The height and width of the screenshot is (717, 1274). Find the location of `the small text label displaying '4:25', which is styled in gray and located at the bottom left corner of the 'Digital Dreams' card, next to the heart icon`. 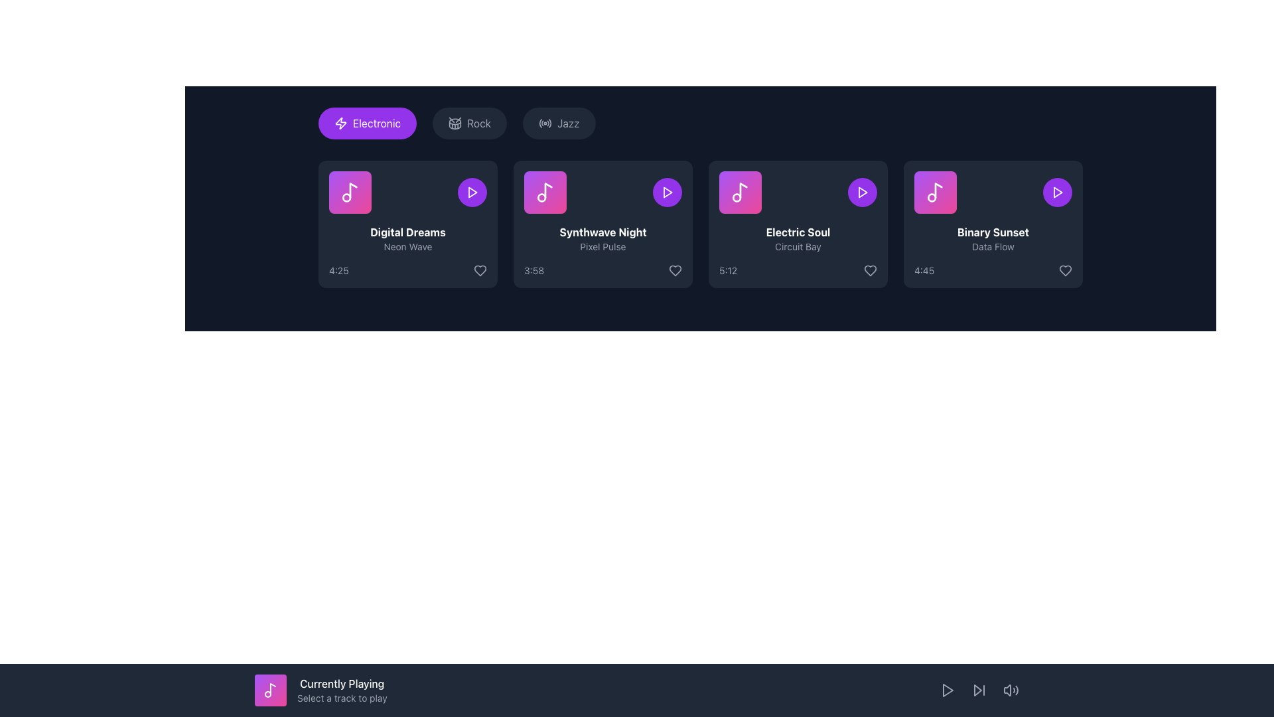

the small text label displaying '4:25', which is styled in gray and located at the bottom left corner of the 'Digital Dreams' card, next to the heart icon is located at coordinates (338, 270).